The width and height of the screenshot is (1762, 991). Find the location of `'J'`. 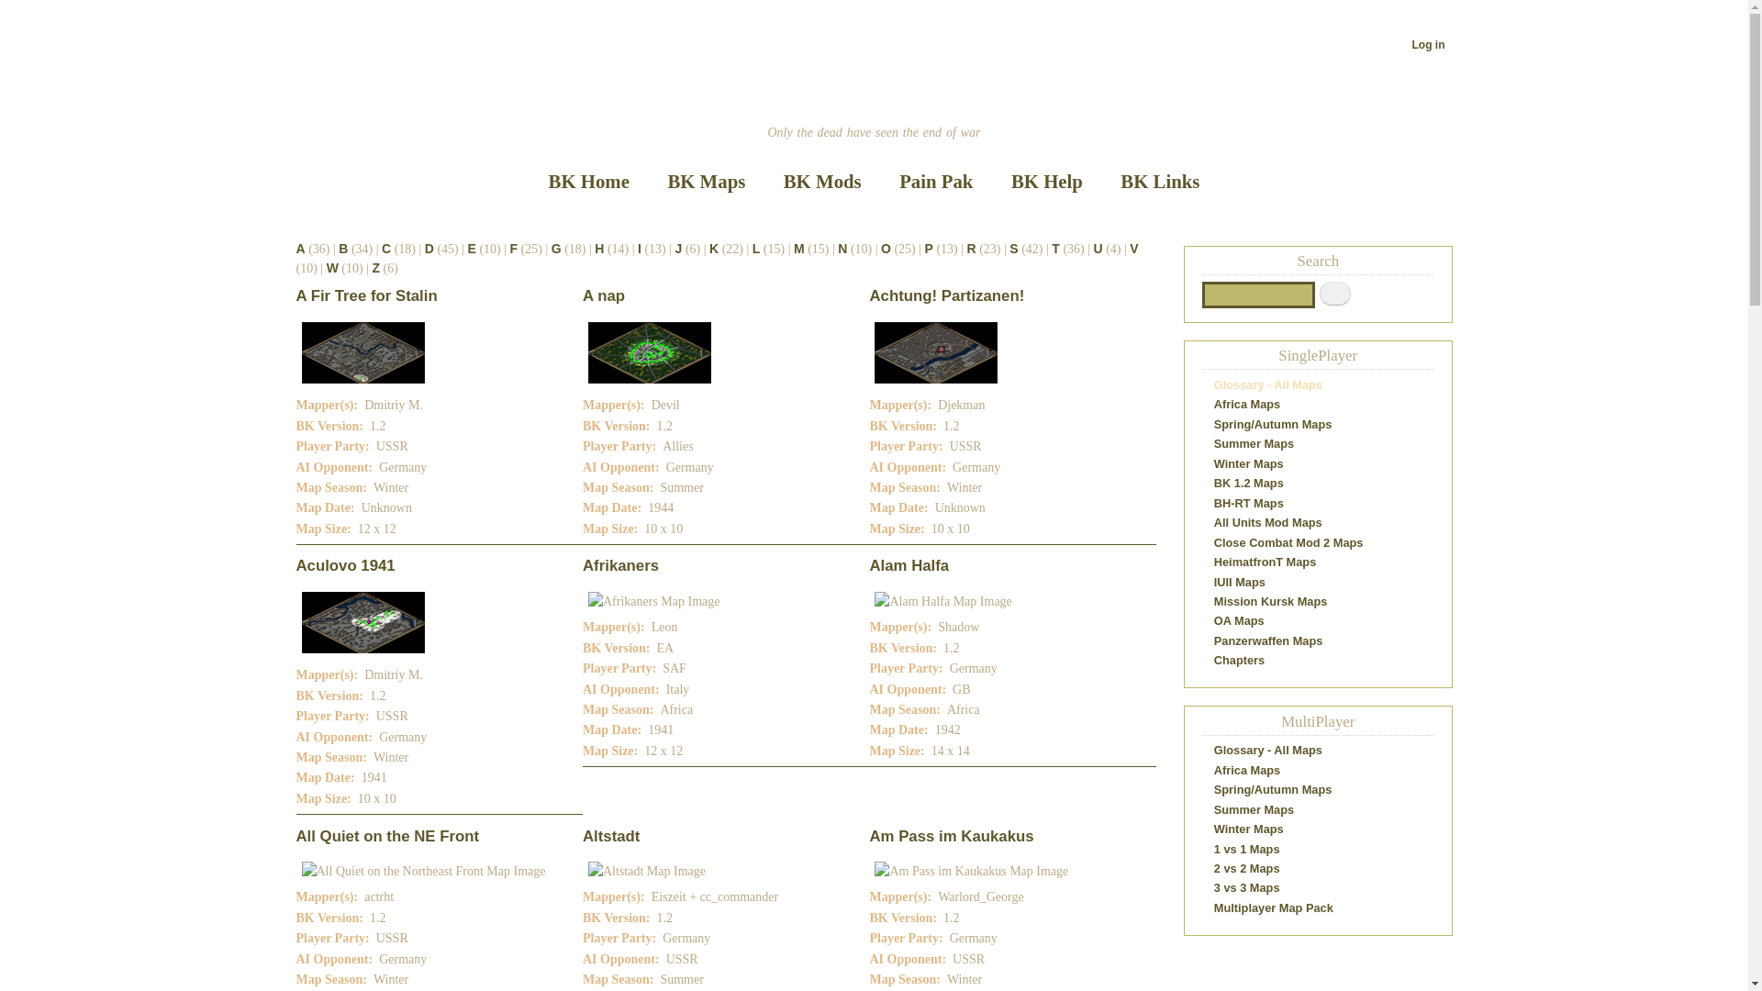

'J' is located at coordinates (674, 248).